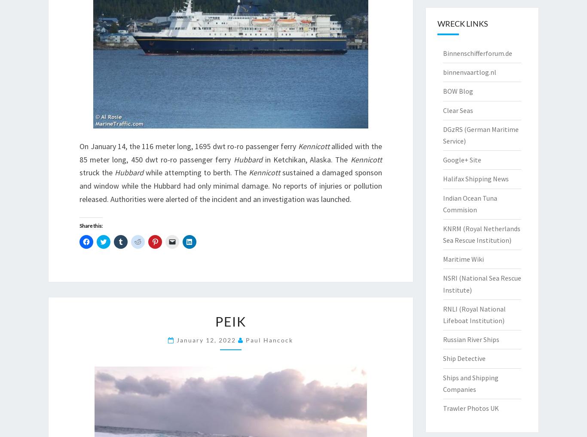  What do you see at coordinates (214, 321) in the screenshot?
I see `'Peik'` at bounding box center [214, 321].